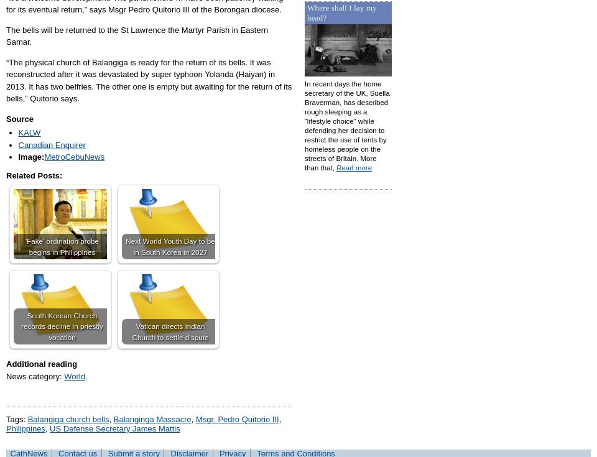 The width and height of the screenshot is (597, 457). I want to click on 'Additional reading', so click(42, 364).